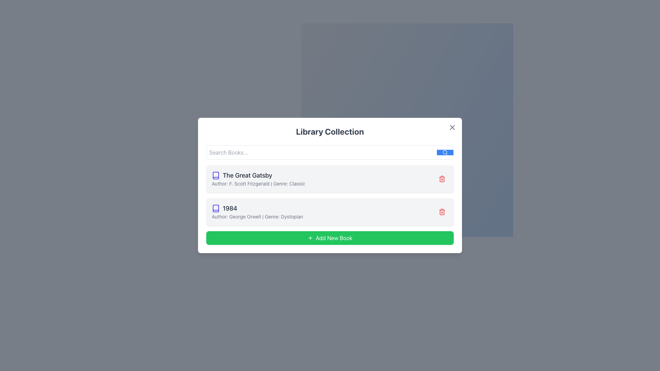  I want to click on the interactive delete button with an SVG trash icon for the '1984' book entry to change its background color, so click(442, 212).